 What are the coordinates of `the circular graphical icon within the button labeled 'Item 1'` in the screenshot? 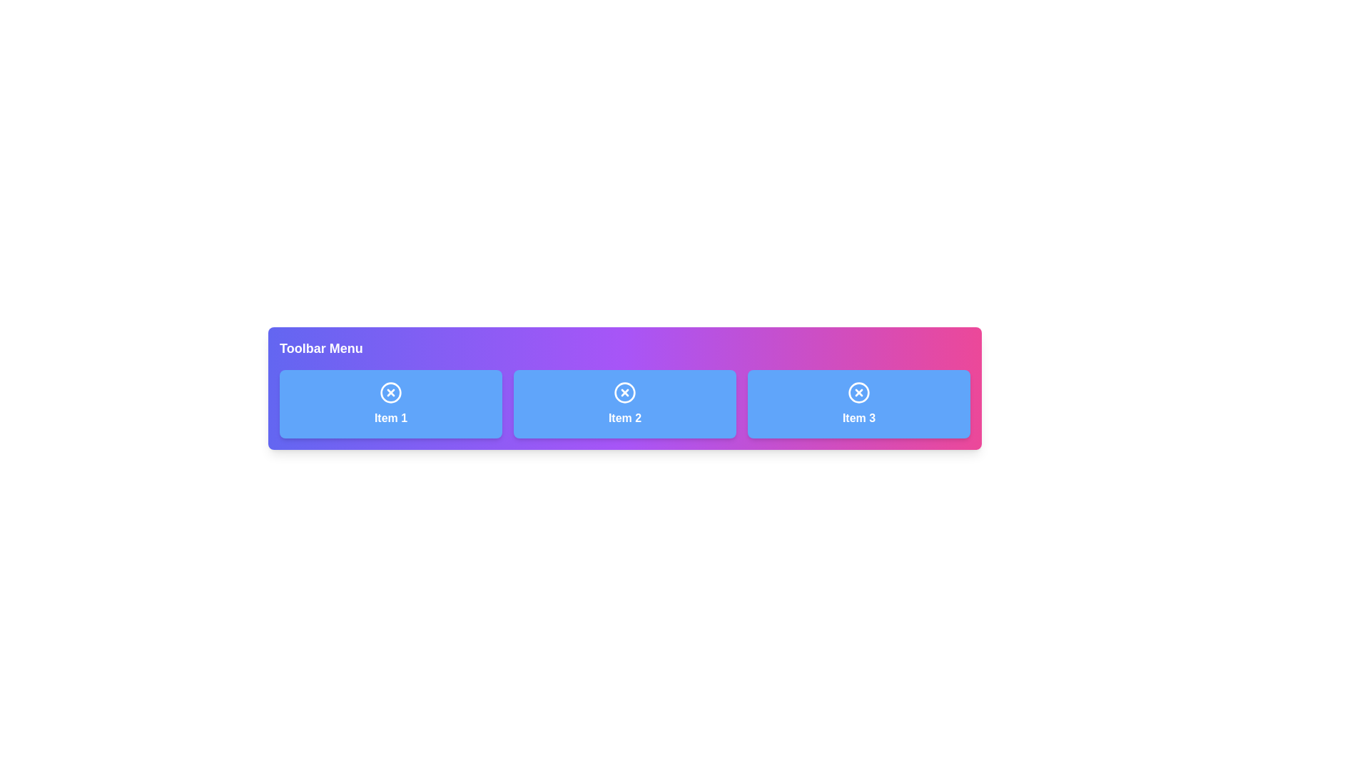 It's located at (390, 393).